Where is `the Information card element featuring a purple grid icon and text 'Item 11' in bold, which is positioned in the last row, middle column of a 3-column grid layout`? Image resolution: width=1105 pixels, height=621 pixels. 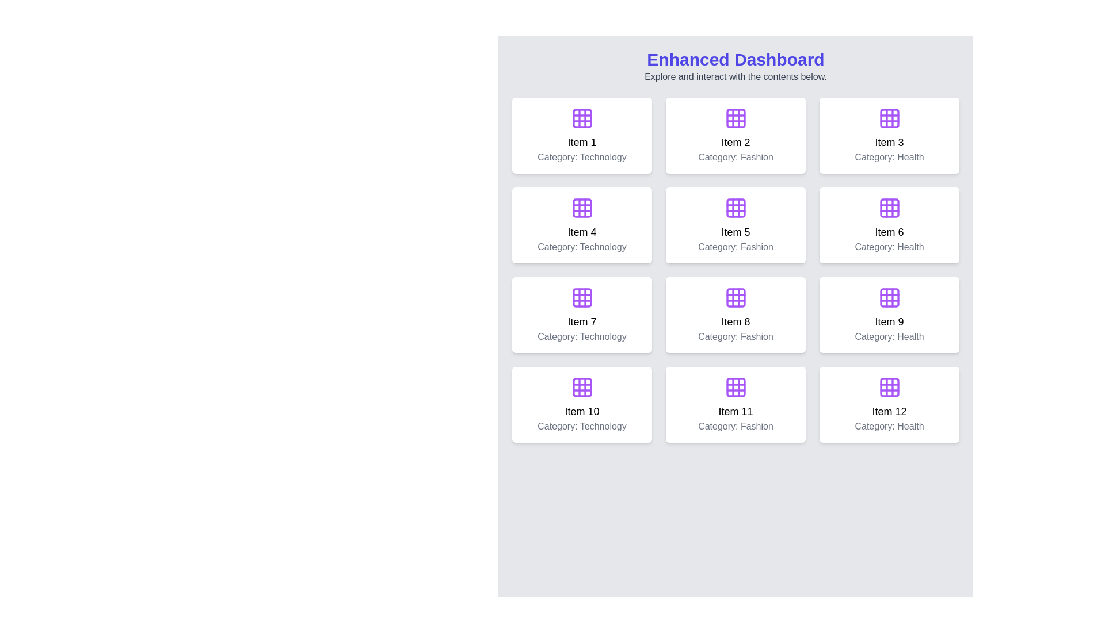
the Information card element featuring a purple grid icon and text 'Item 11' in bold, which is positioned in the last row, middle column of a 3-column grid layout is located at coordinates (735, 404).